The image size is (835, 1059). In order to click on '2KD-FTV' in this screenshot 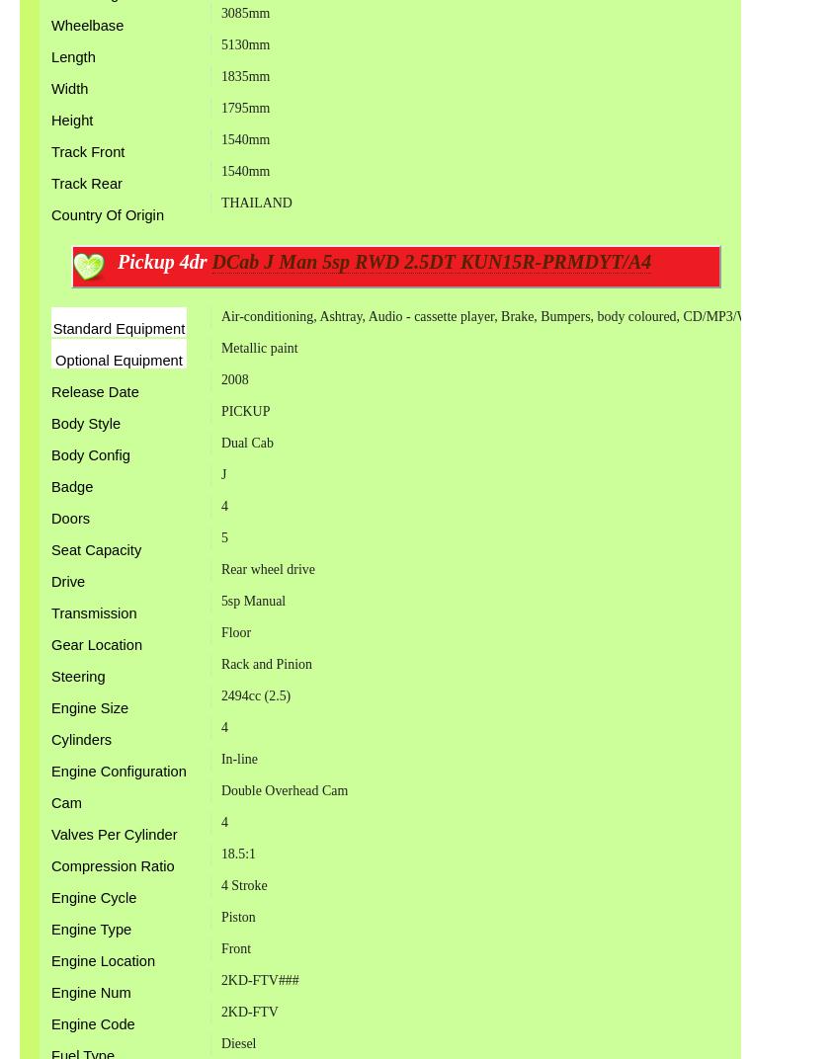, I will do `click(247, 1012)`.